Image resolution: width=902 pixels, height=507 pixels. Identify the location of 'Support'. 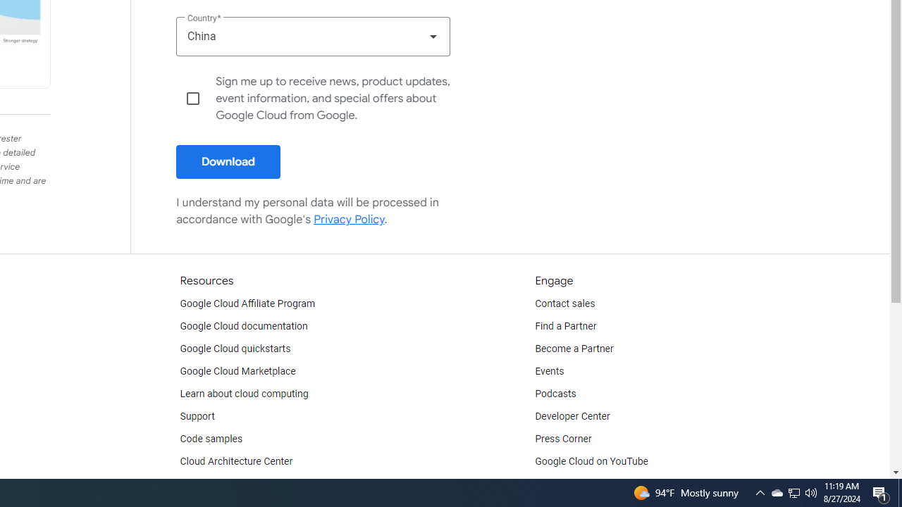
(196, 415).